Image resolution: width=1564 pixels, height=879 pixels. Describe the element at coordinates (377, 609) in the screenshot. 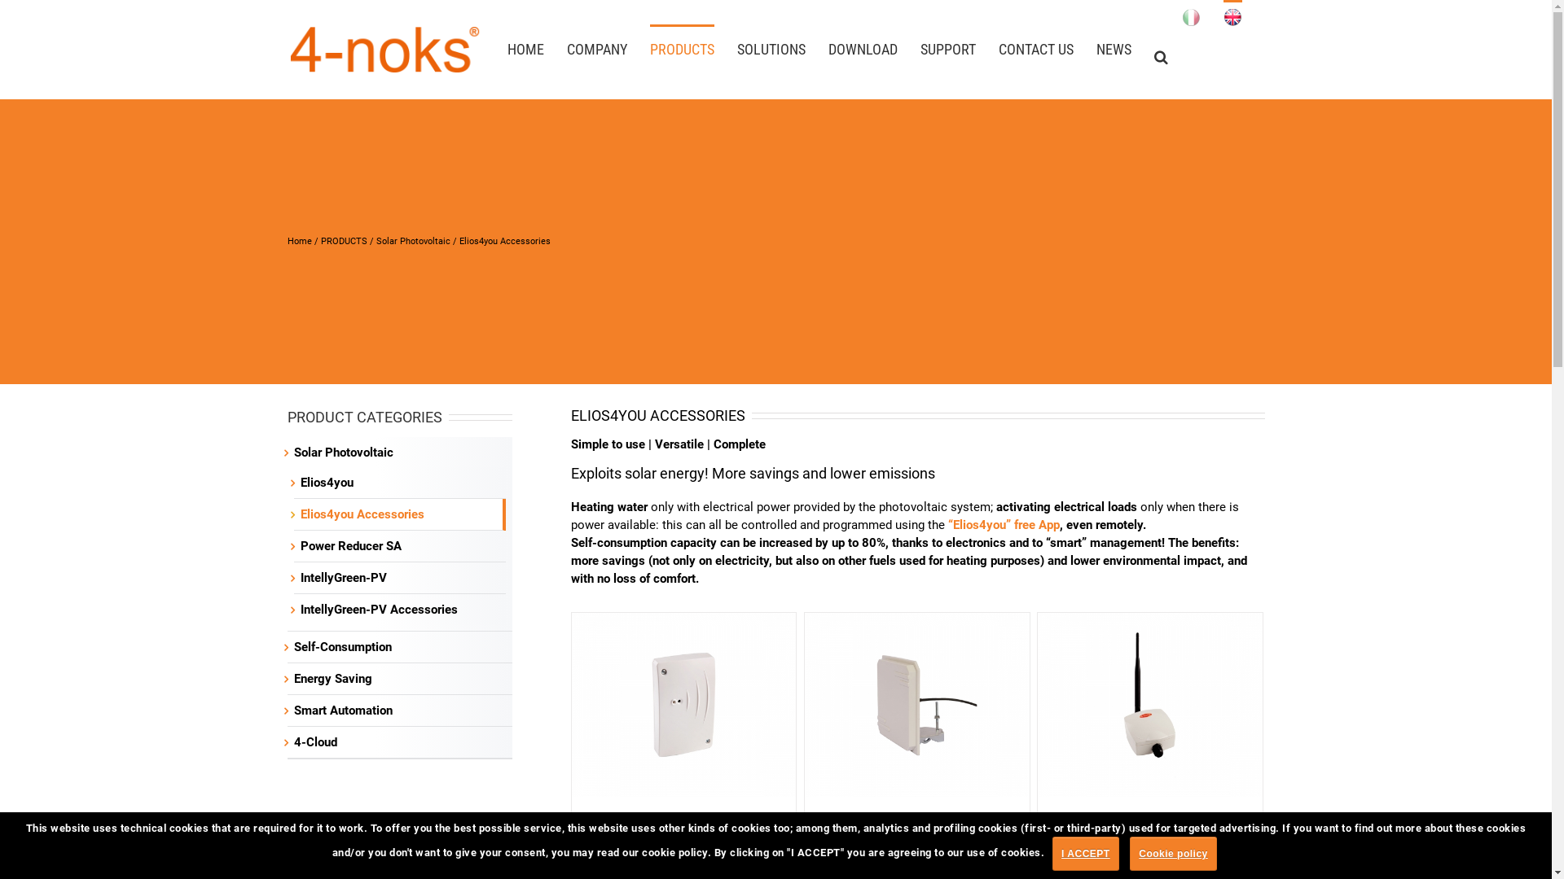

I see `'IntellyGreen-PV Accessories'` at that location.